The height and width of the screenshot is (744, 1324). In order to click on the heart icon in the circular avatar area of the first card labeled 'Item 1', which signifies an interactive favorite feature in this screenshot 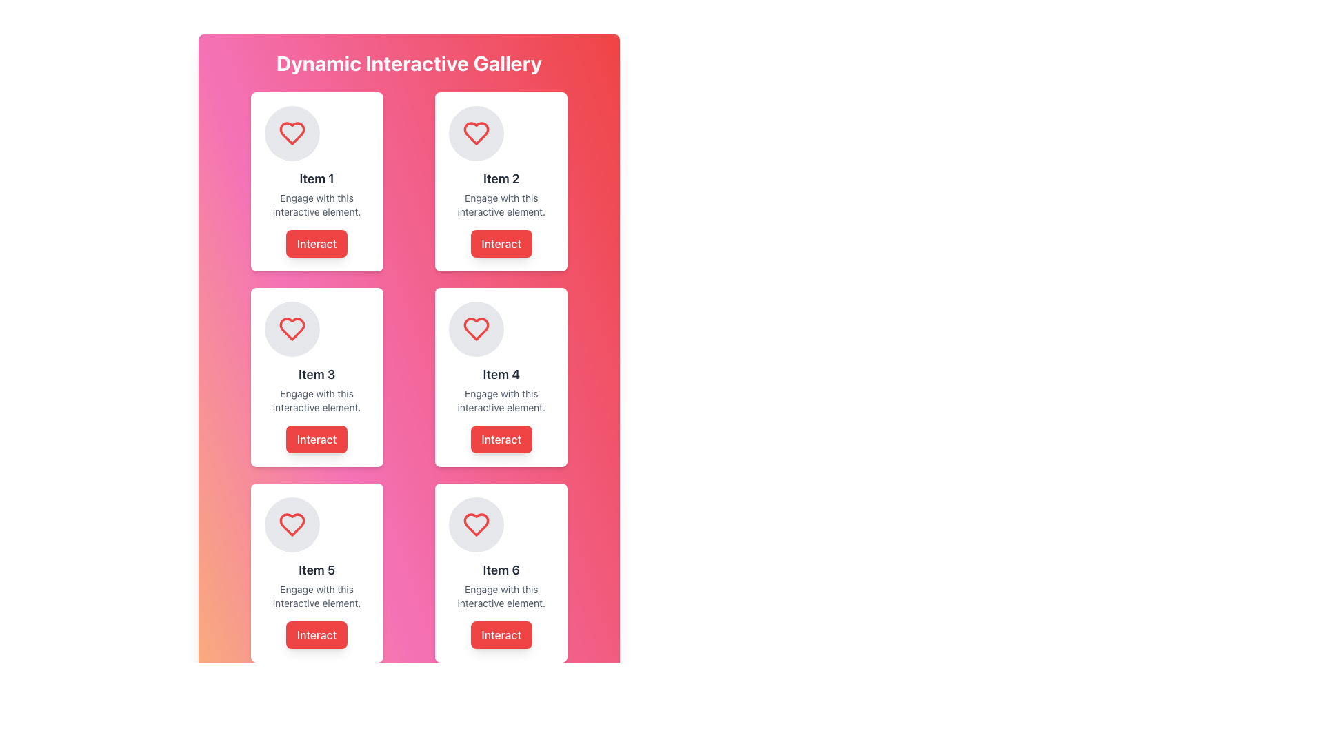, I will do `click(291, 133)`.